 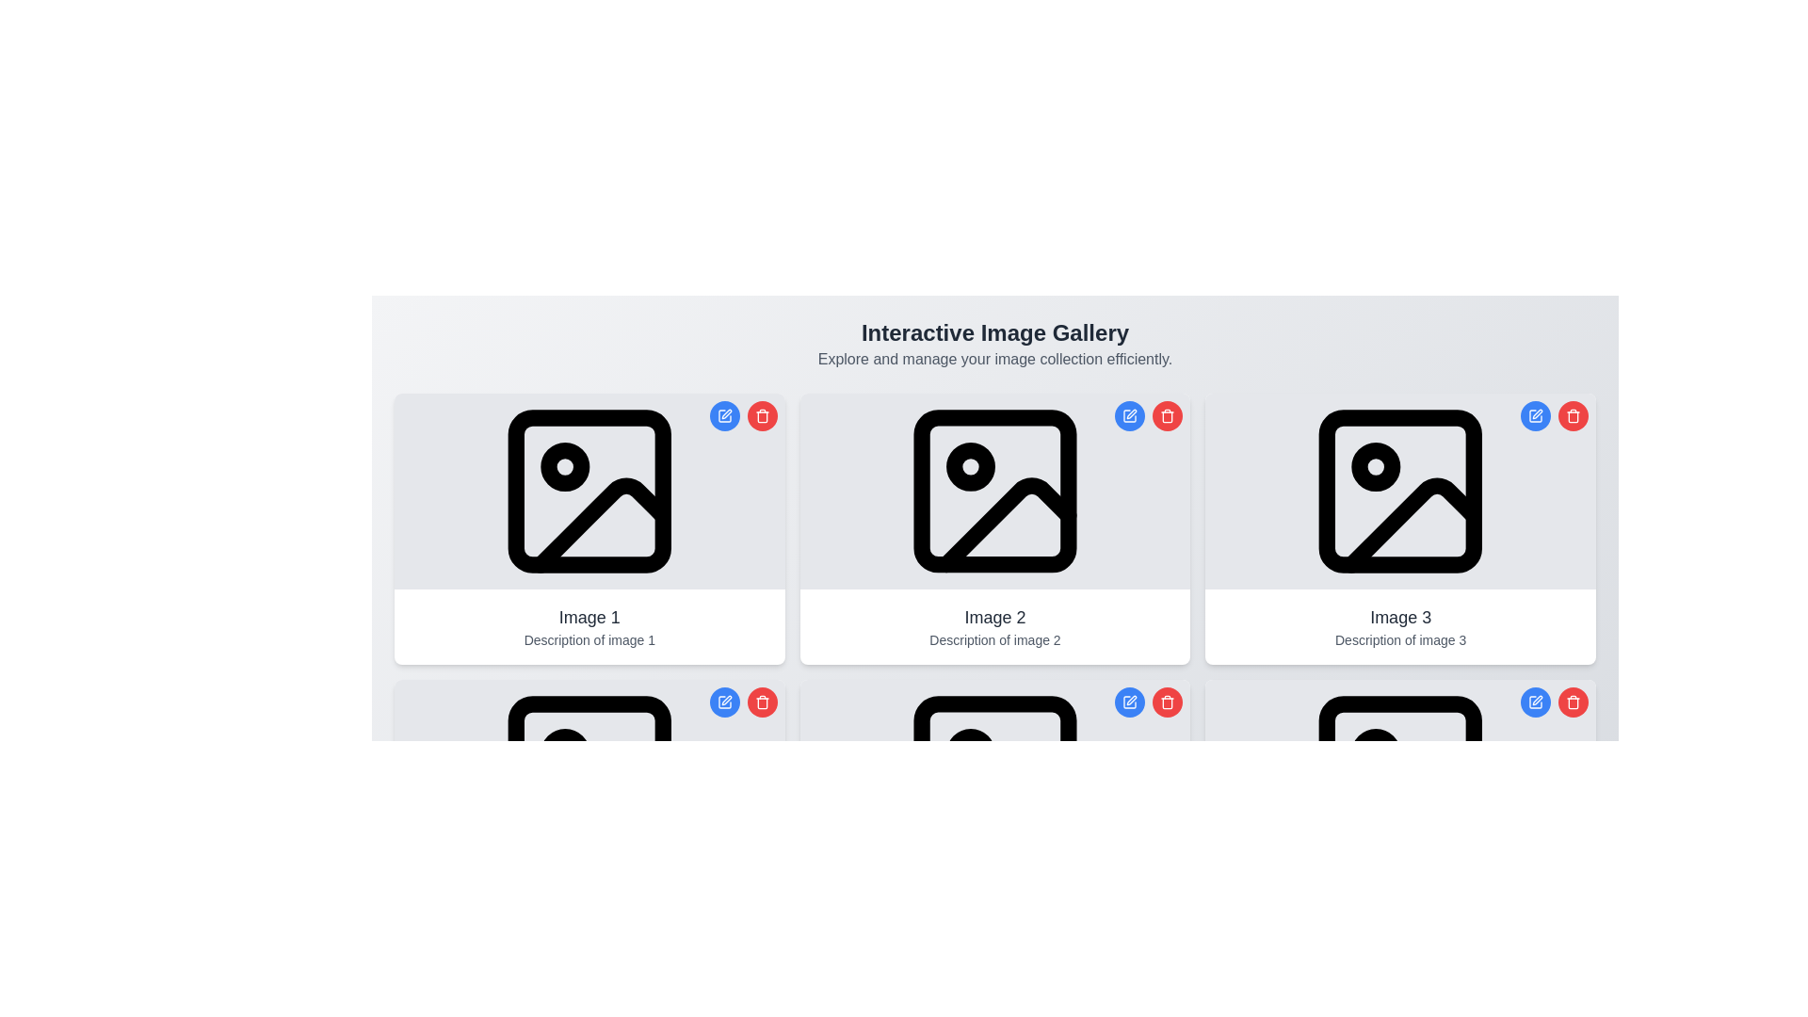 I want to click on the edit icon located in the top right corner of the second image box to initiate the edit action for 'Image 2', so click(x=1131, y=412).